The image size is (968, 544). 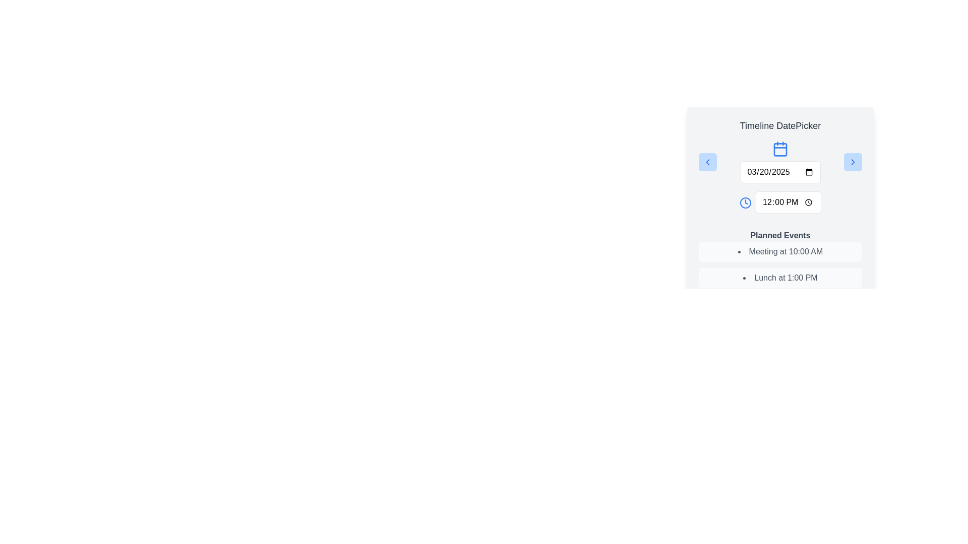 I want to click on the chevron icon embedded in the blue-shaded circular button, located towards the top right of the date picker interface, so click(x=852, y=161).